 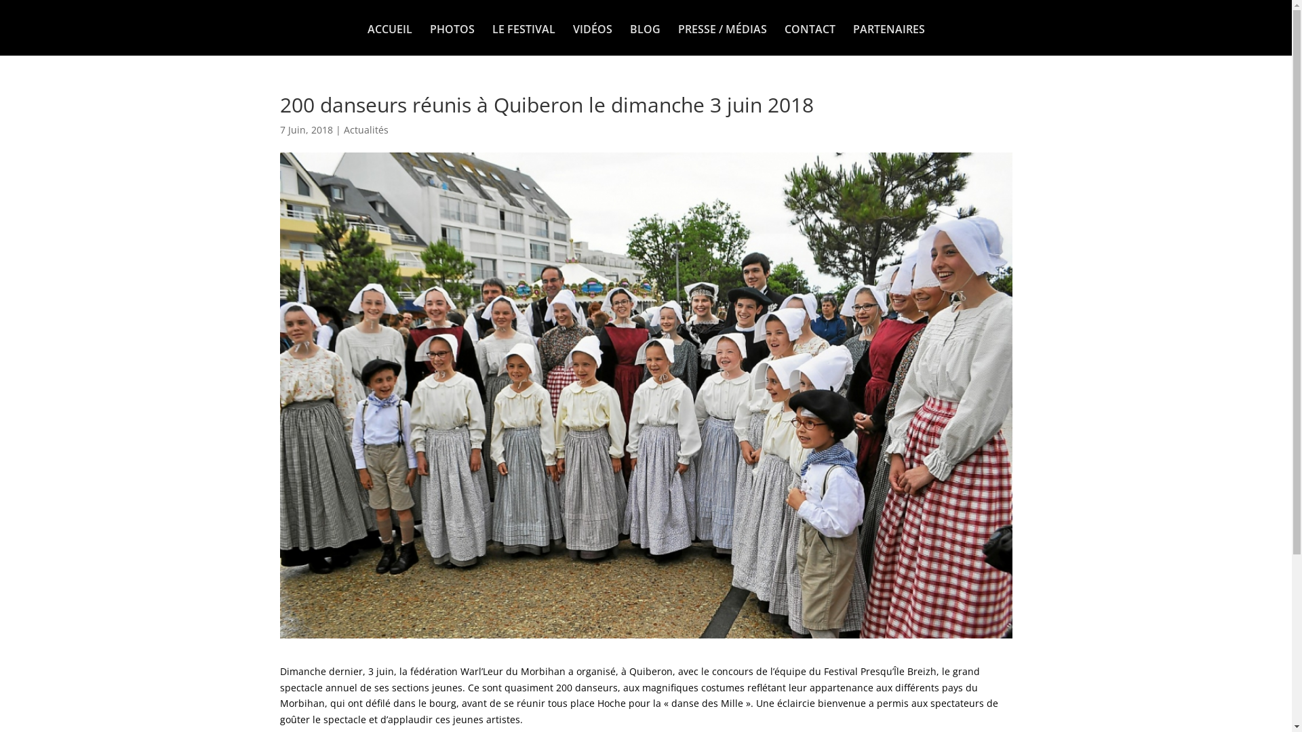 I want to click on 'PHOTOS', so click(x=452, y=39).